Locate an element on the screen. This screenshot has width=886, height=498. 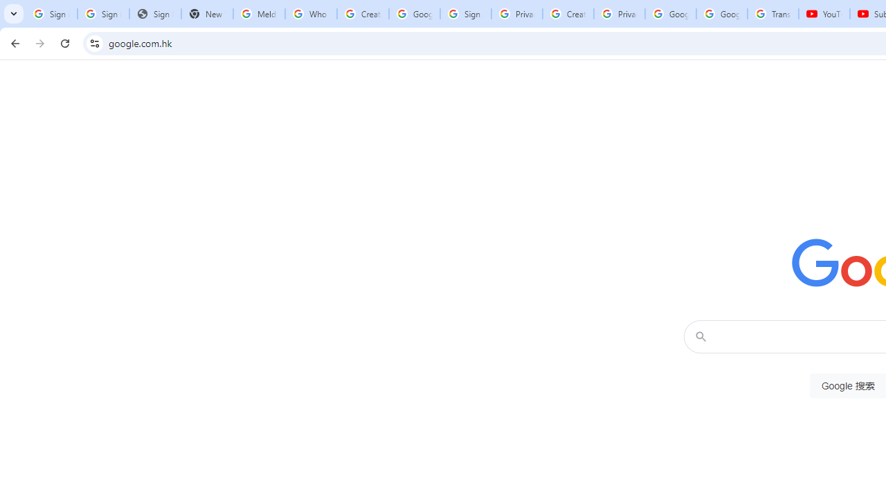
'Sign In - USA TODAY' is located at coordinates (155, 14).